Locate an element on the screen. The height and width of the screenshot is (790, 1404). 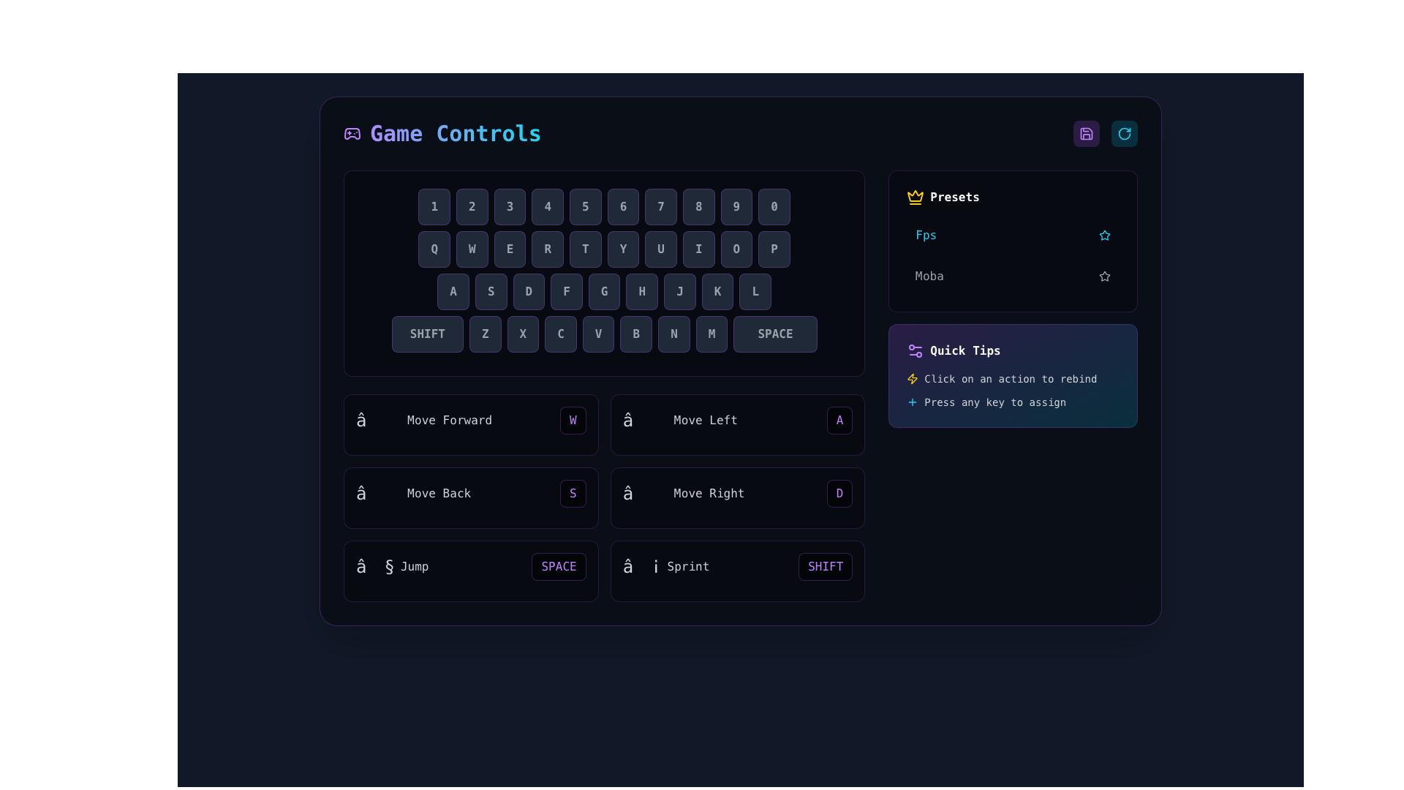
the key-shaped button displaying 'F' that is centrally aligned in the virtual keyboard layout, located between buttons 'D' and 'G' is located at coordinates (566, 291).